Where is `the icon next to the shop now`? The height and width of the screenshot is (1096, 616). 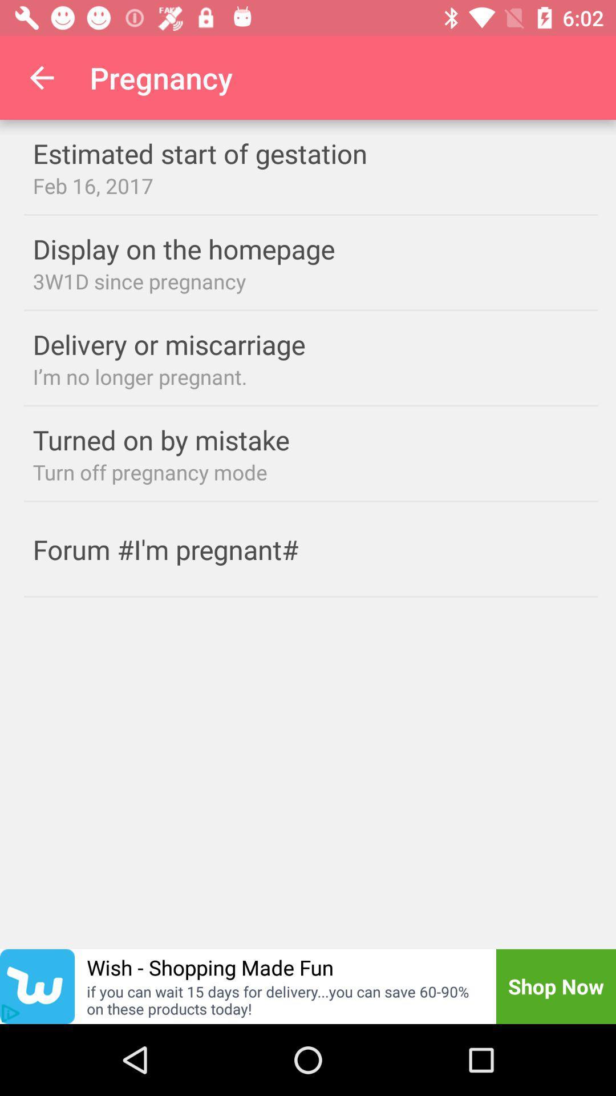
the icon next to the shop now is located at coordinates (210, 966).